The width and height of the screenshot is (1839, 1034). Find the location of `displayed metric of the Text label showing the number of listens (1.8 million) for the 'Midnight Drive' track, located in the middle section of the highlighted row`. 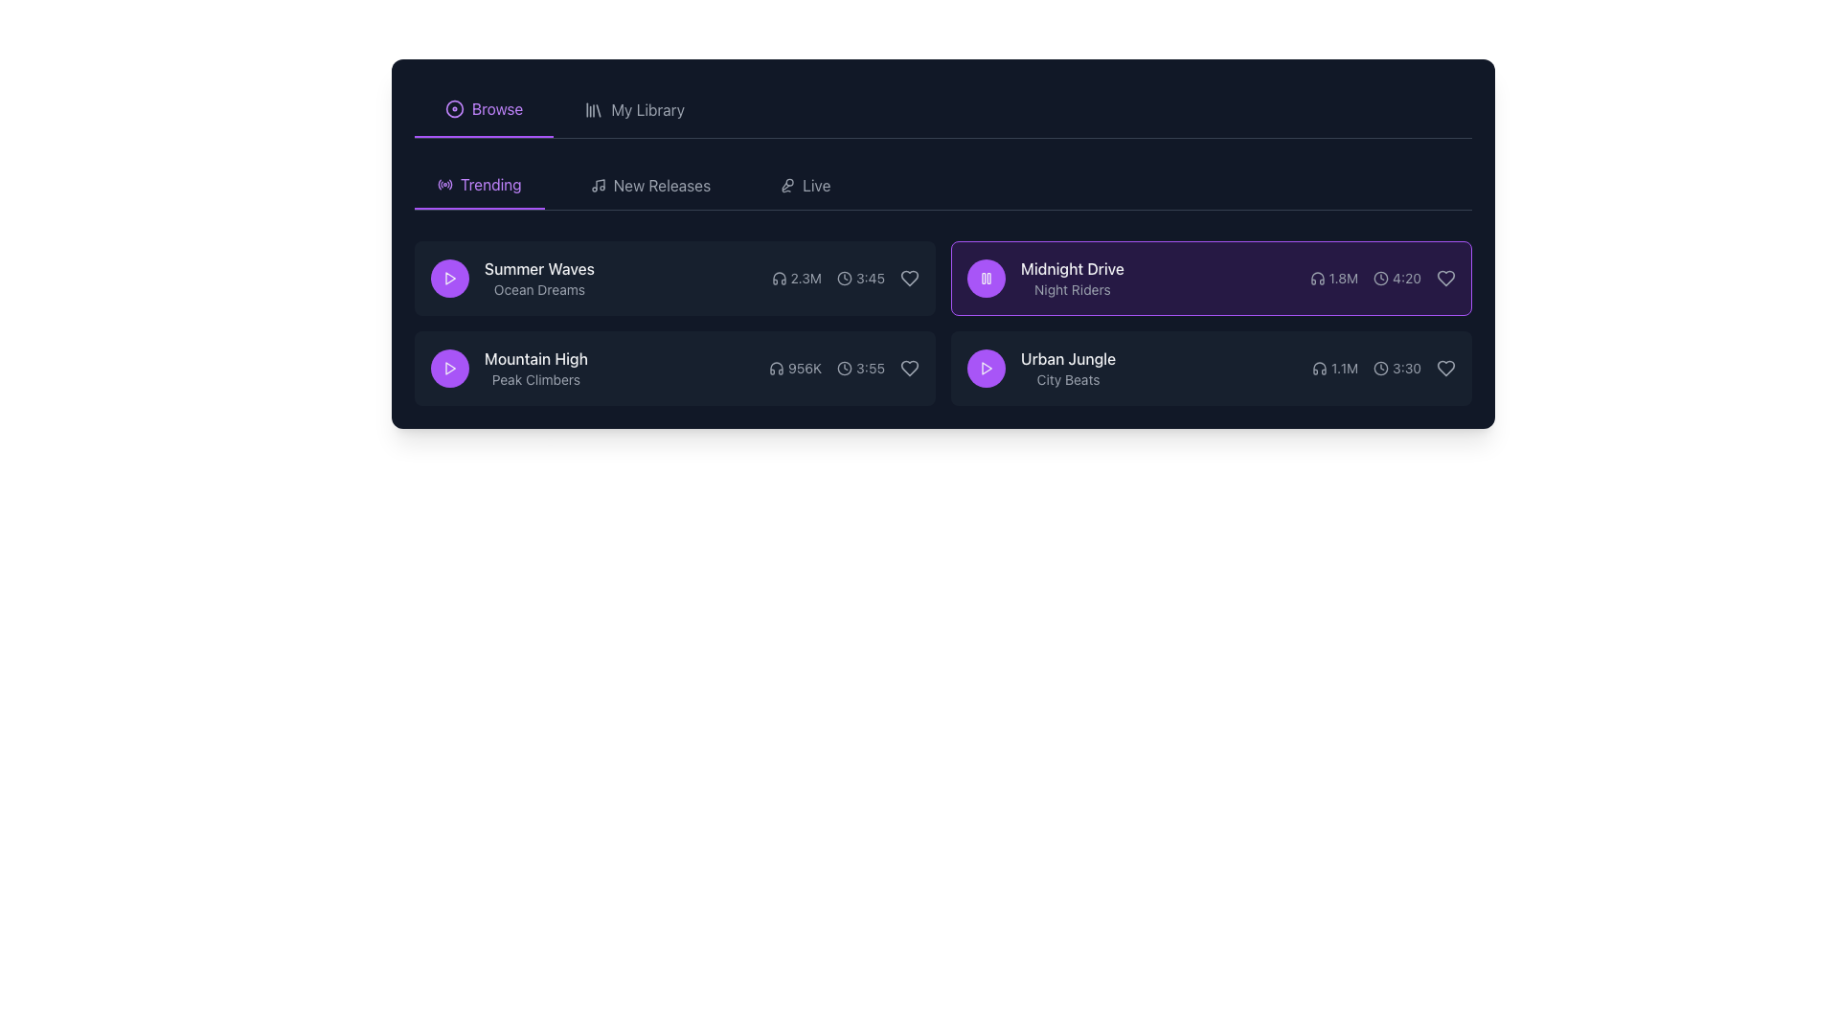

displayed metric of the Text label showing the number of listens (1.8 million) for the 'Midnight Drive' track, located in the middle section of the highlighted row is located at coordinates (1332, 278).